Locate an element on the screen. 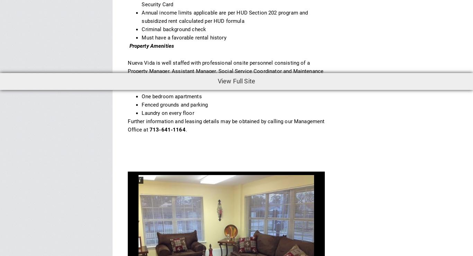  '.' is located at coordinates (186, 129).